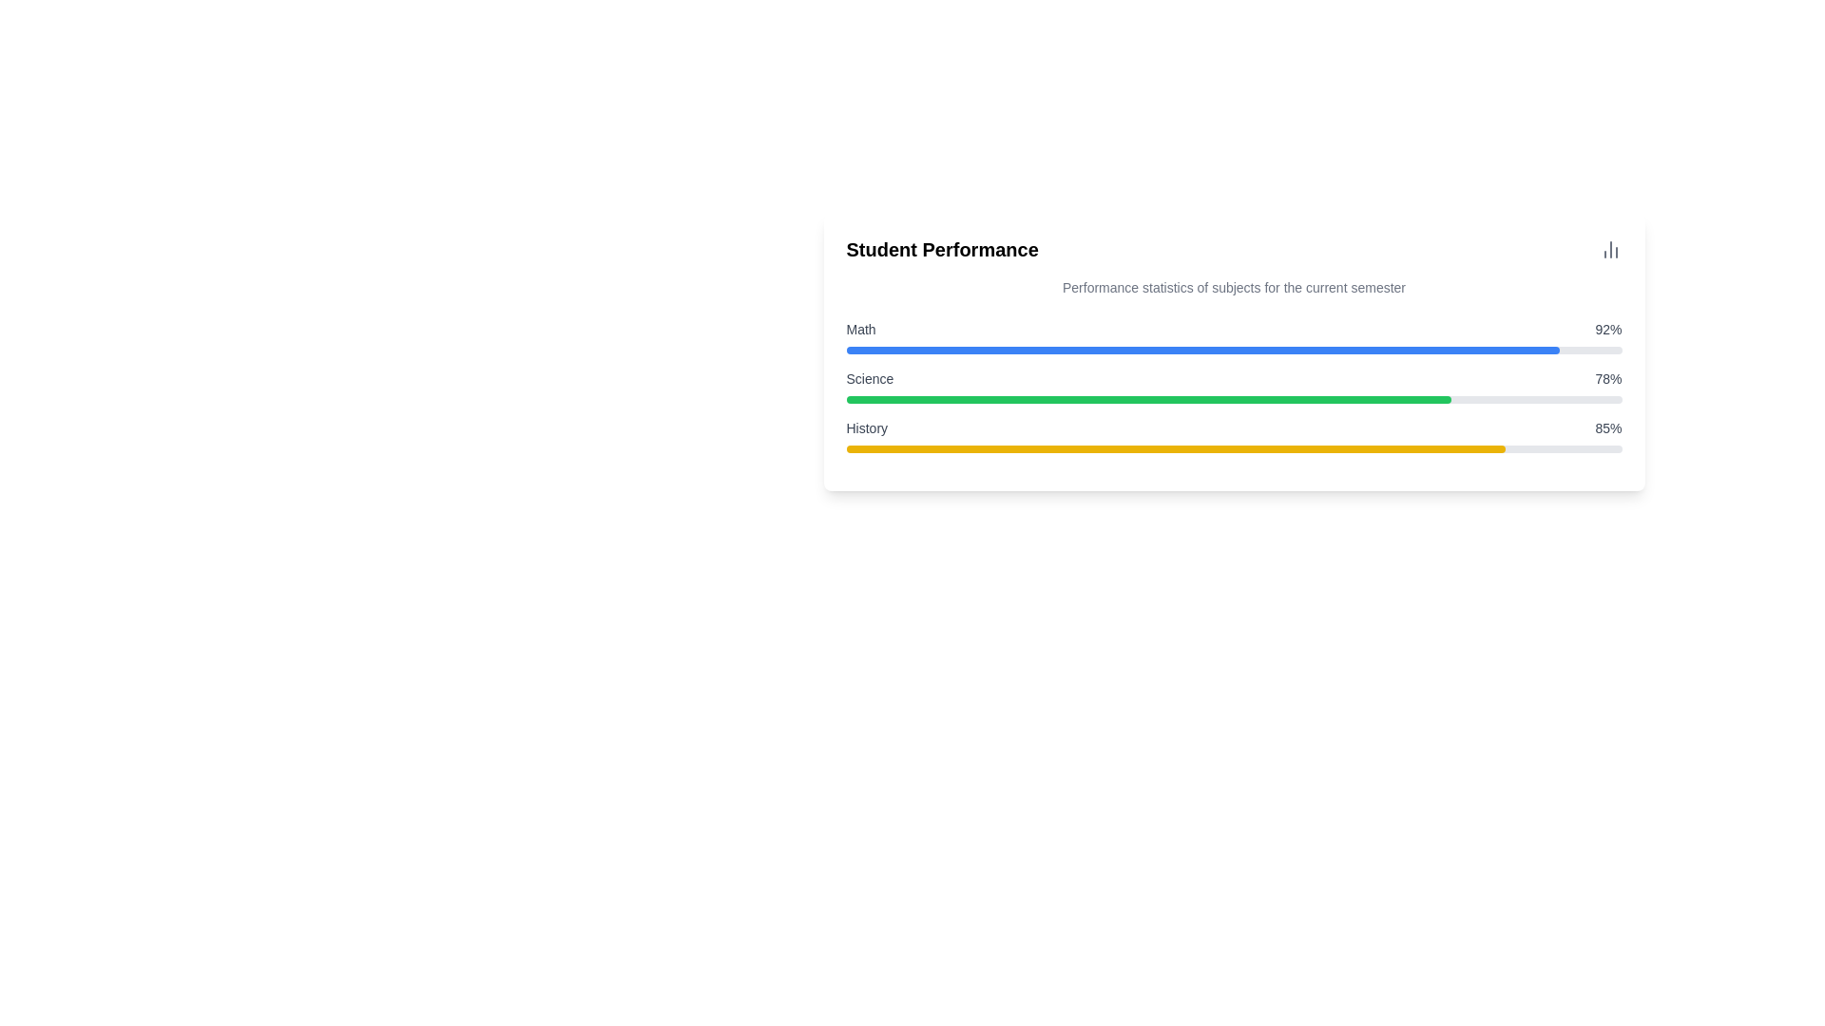  Describe the element at coordinates (1234, 351) in the screenshot. I see `the completion level of the first horizontal progress bar, which is styled with a gray background and a blue bar representing 92% completion, positioned below the 'Math' label` at that location.